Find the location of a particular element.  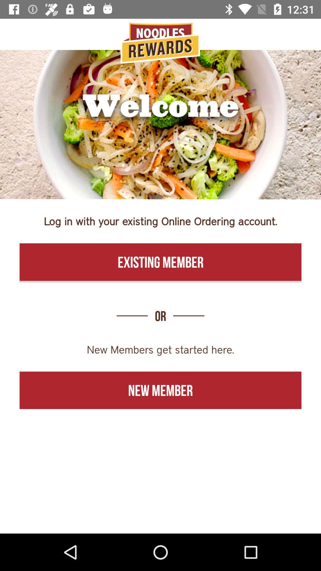

new member item is located at coordinates (160, 390).